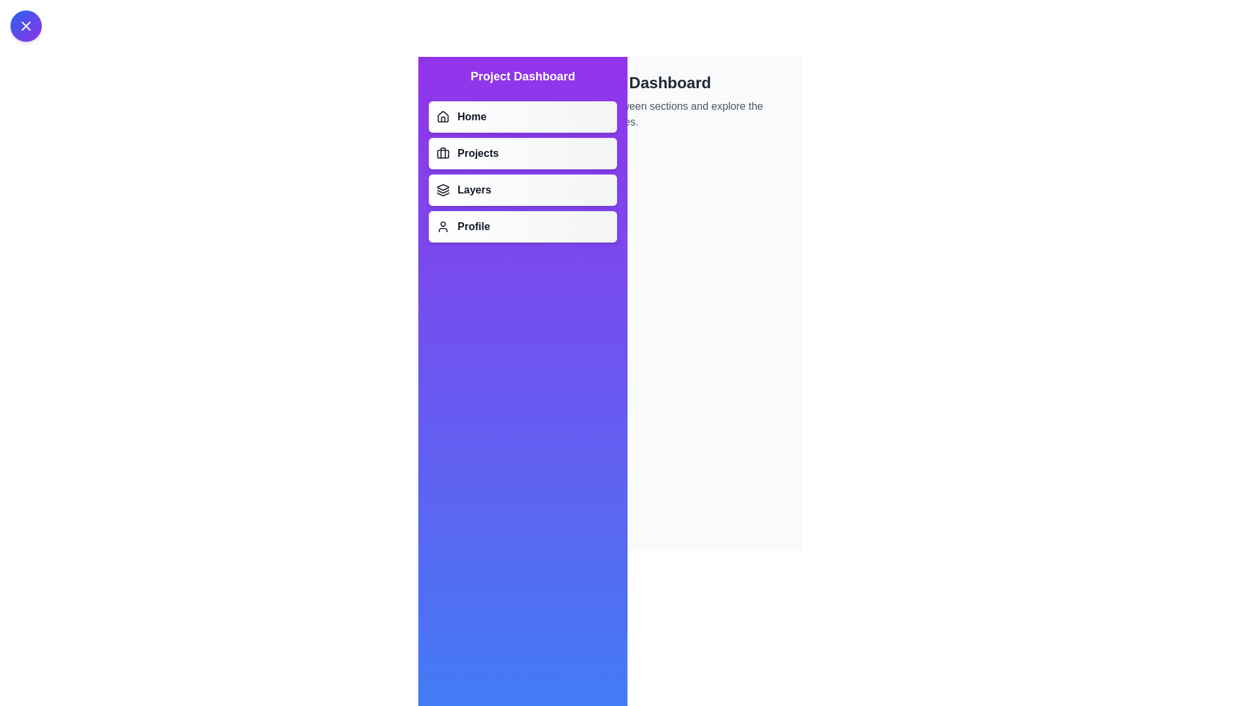 Image resolution: width=1255 pixels, height=706 pixels. What do you see at coordinates (523, 153) in the screenshot?
I see `the navigation section button labeled Projects` at bounding box center [523, 153].